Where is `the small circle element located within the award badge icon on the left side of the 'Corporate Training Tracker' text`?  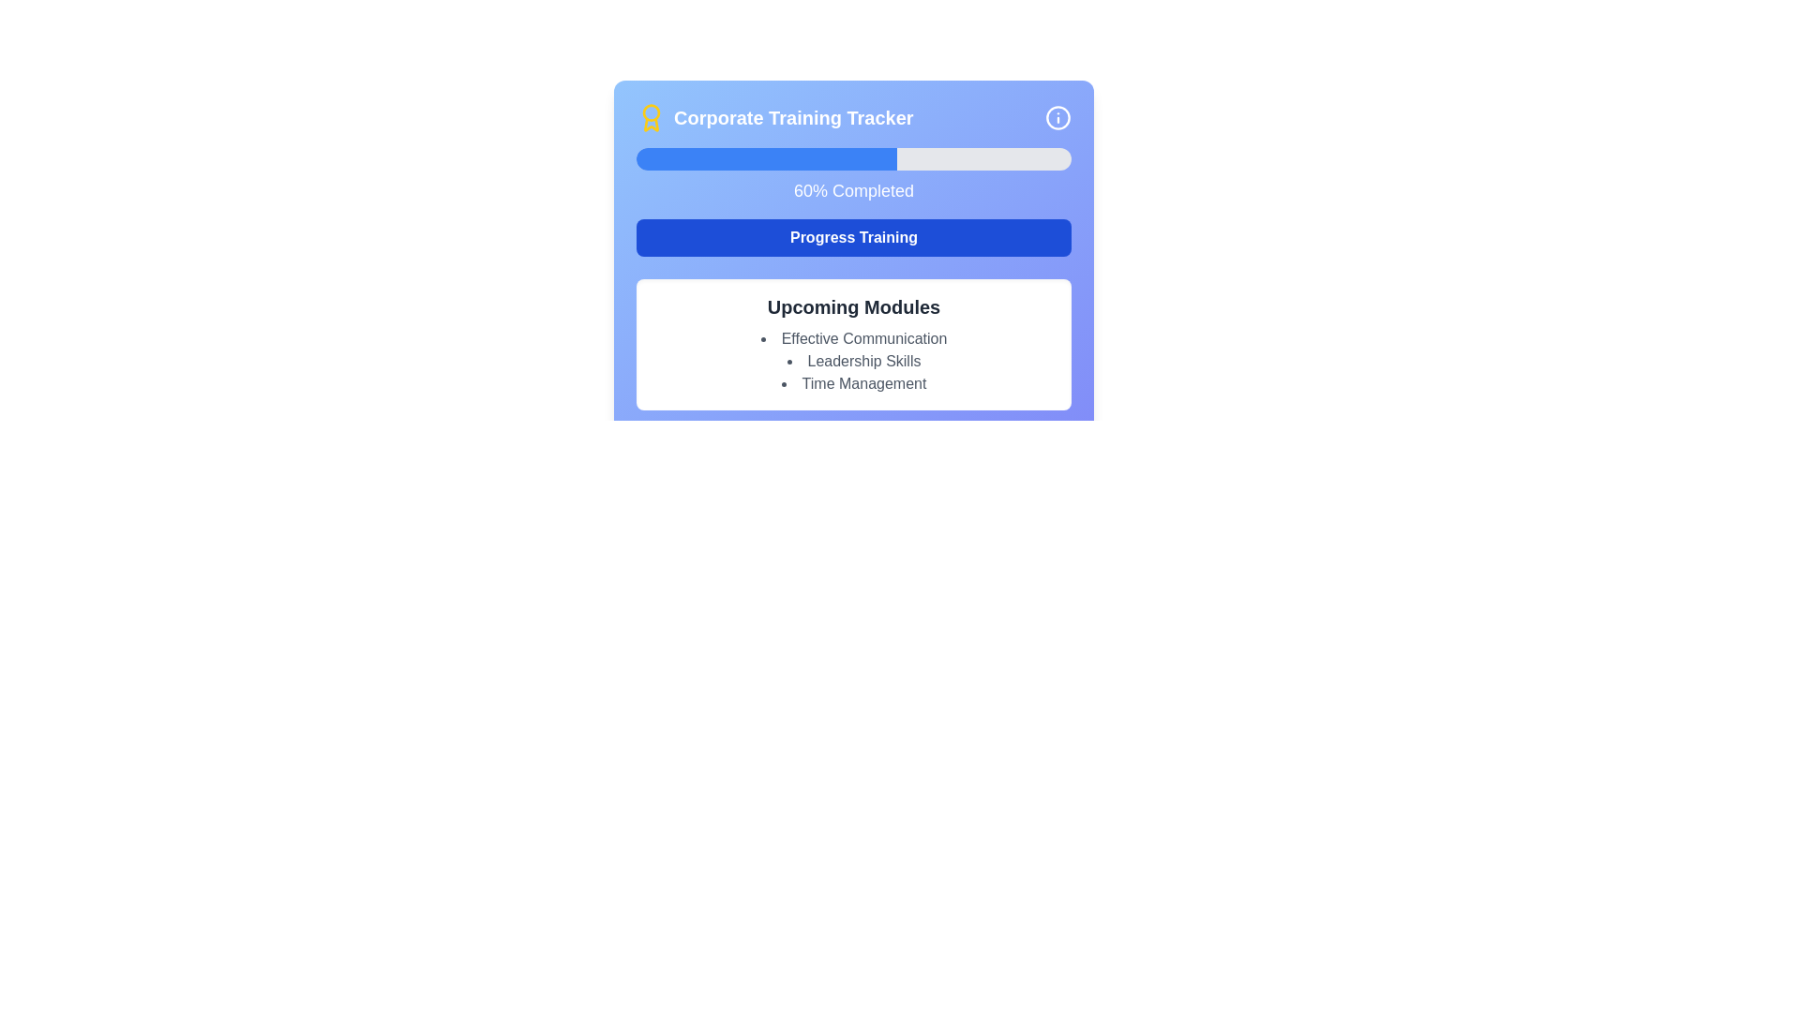
the small circle element located within the award badge icon on the left side of the 'Corporate Training Tracker' text is located at coordinates (652, 112).